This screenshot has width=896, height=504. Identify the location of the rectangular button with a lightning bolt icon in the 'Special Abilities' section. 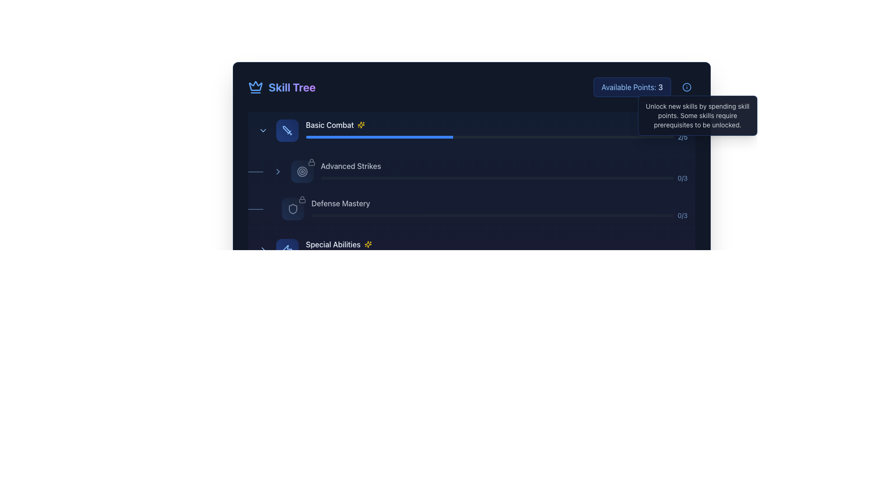
(287, 250).